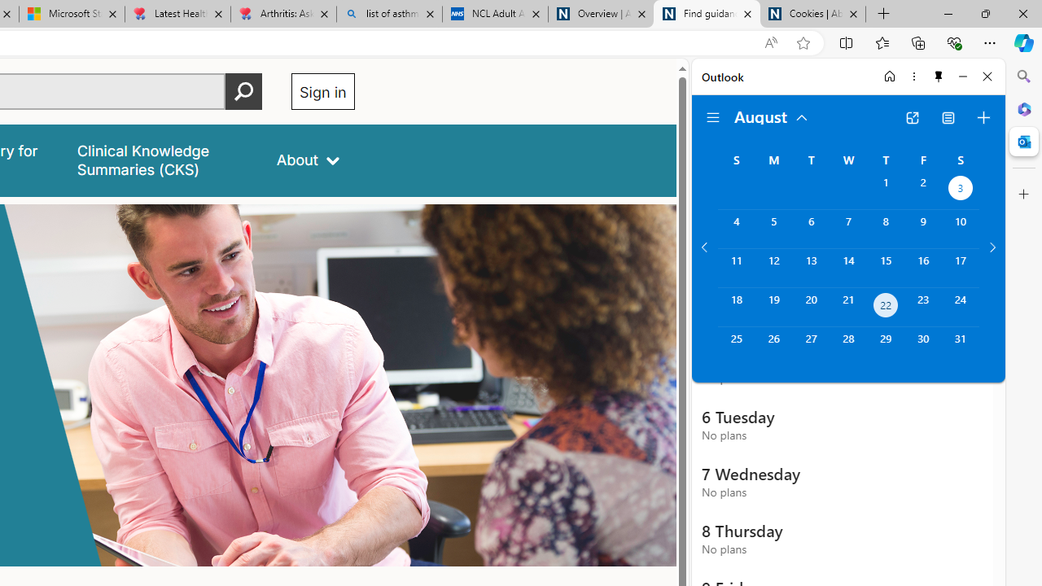 The width and height of the screenshot is (1042, 586). What do you see at coordinates (773, 229) in the screenshot?
I see `'Monday, August 5, 2024. '` at bounding box center [773, 229].